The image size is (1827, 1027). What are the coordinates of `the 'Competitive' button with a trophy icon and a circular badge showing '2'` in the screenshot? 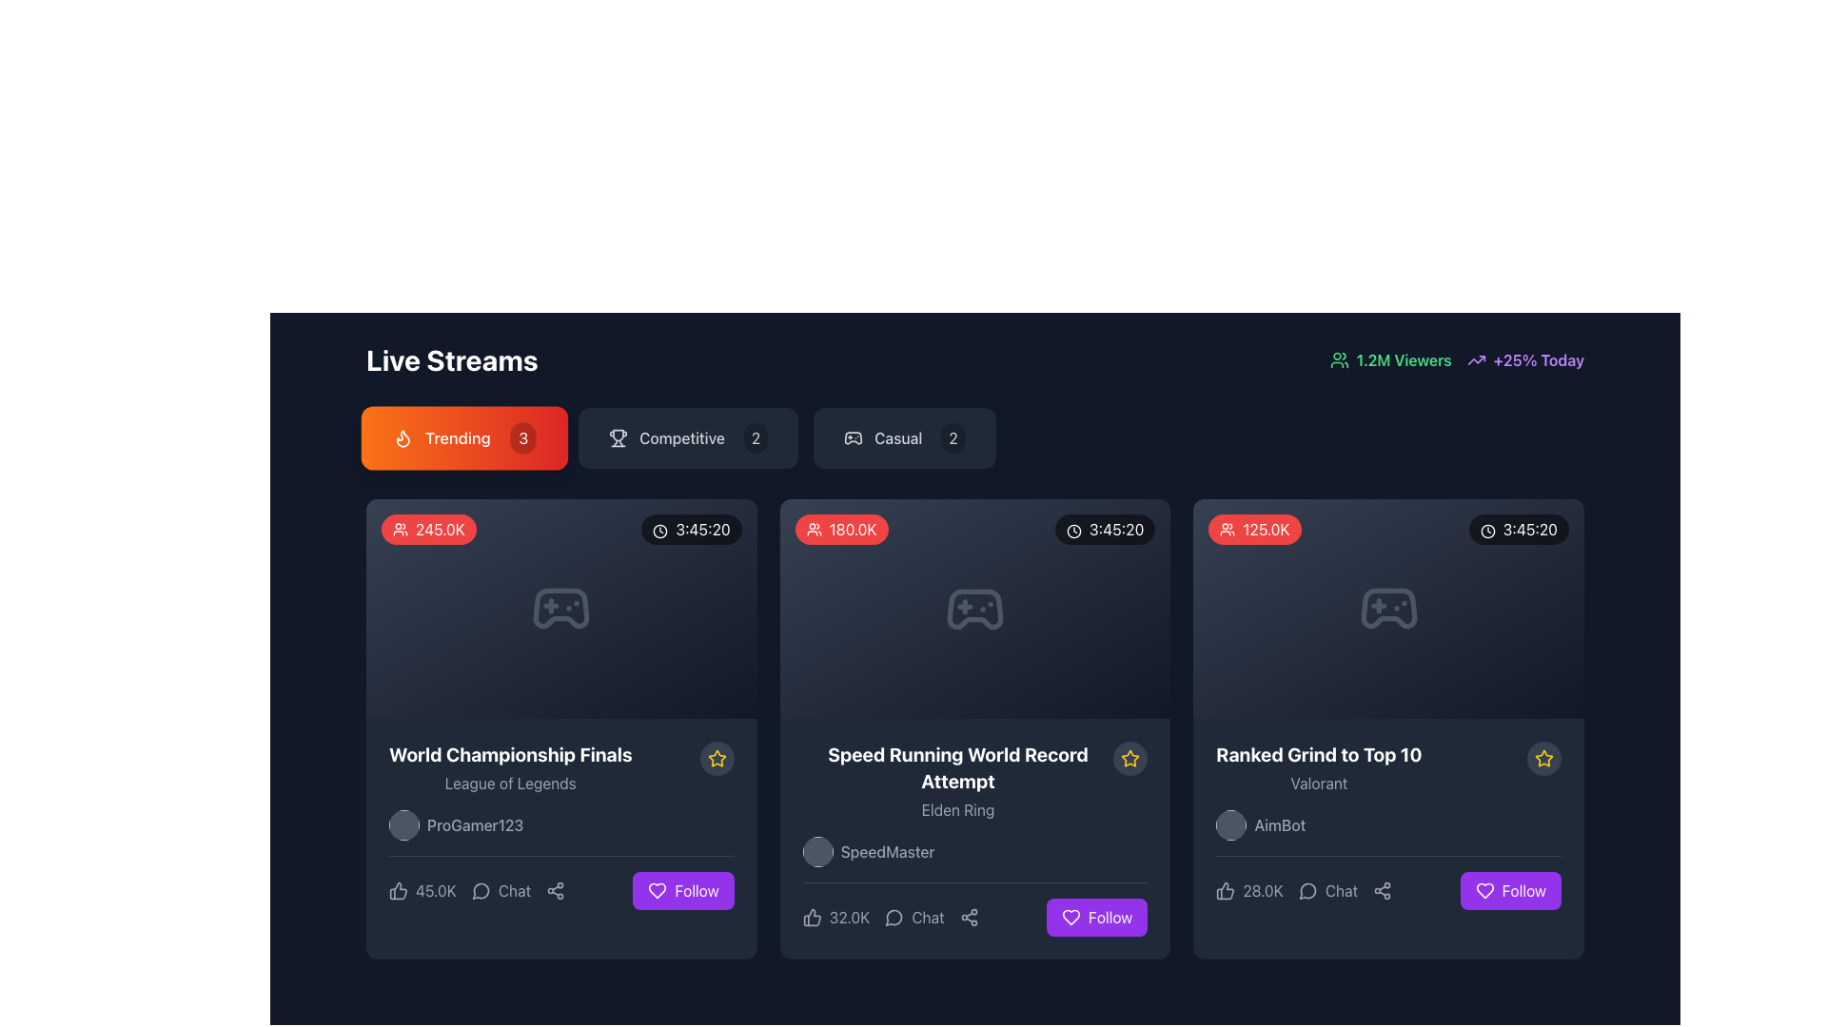 It's located at (687, 438).